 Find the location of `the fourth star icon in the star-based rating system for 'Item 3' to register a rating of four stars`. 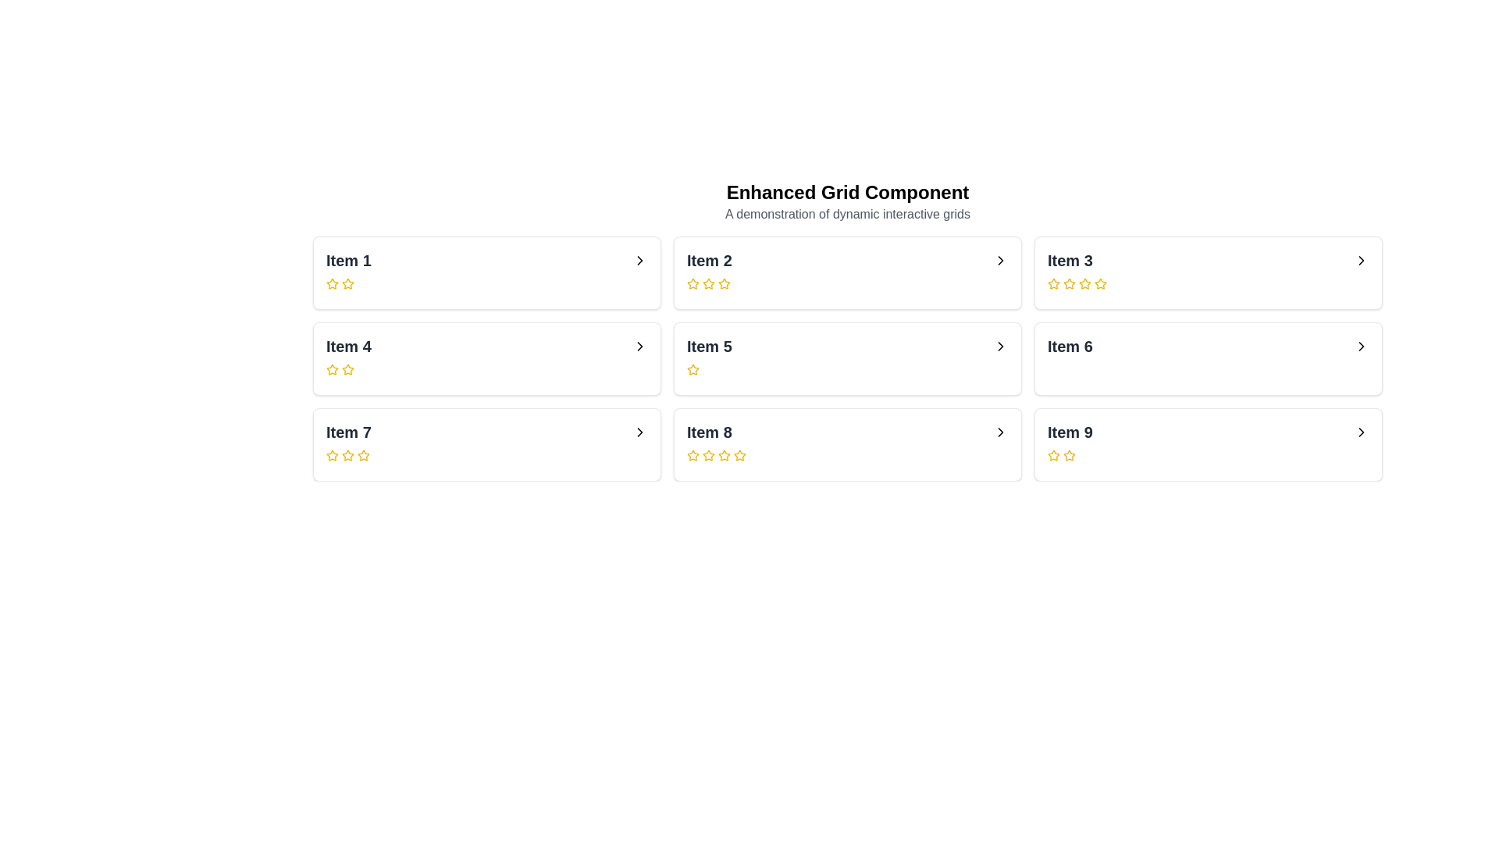

the fourth star icon in the star-based rating system for 'Item 3' to register a rating of four stars is located at coordinates (1084, 283).